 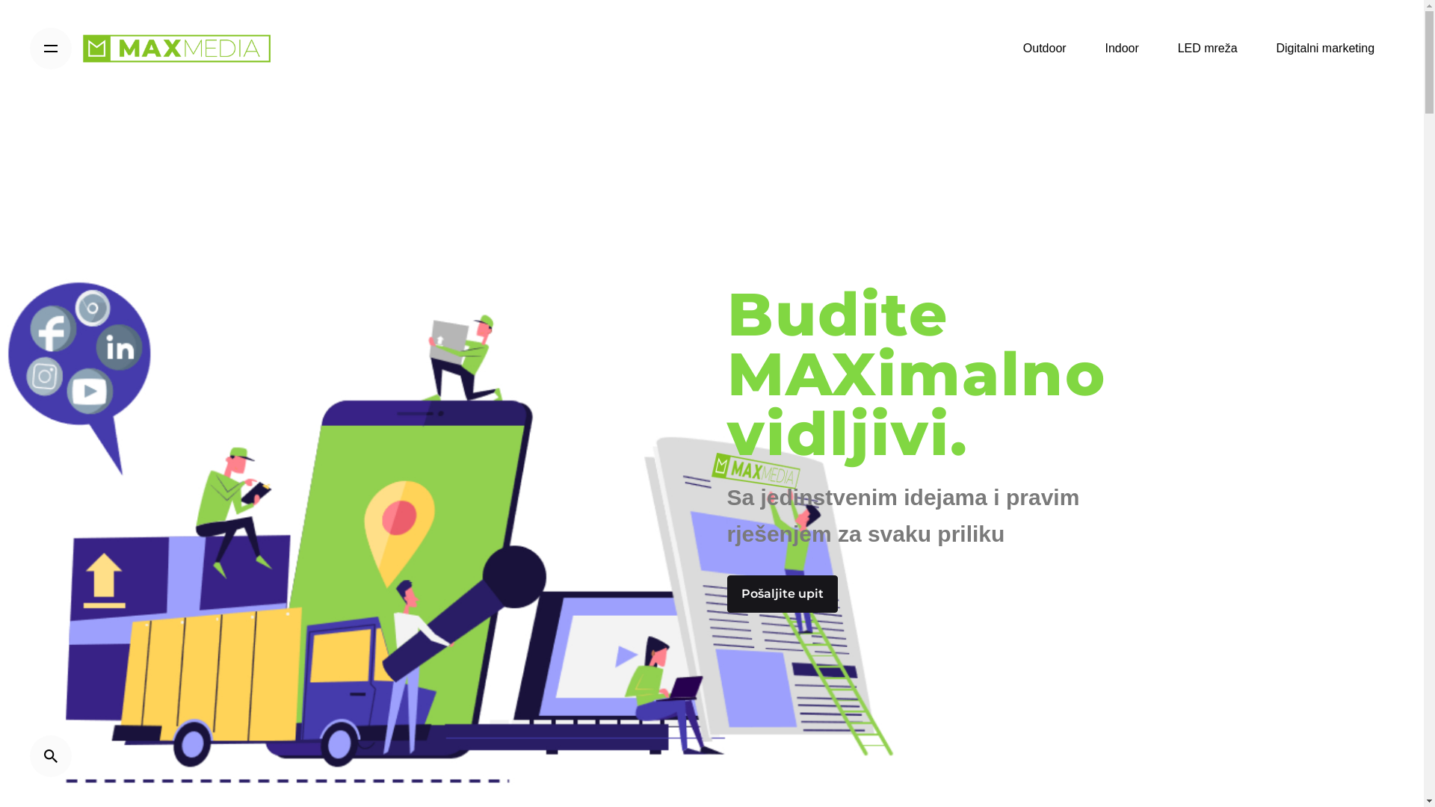 I want to click on 'Indoor', so click(x=1086, y=48).